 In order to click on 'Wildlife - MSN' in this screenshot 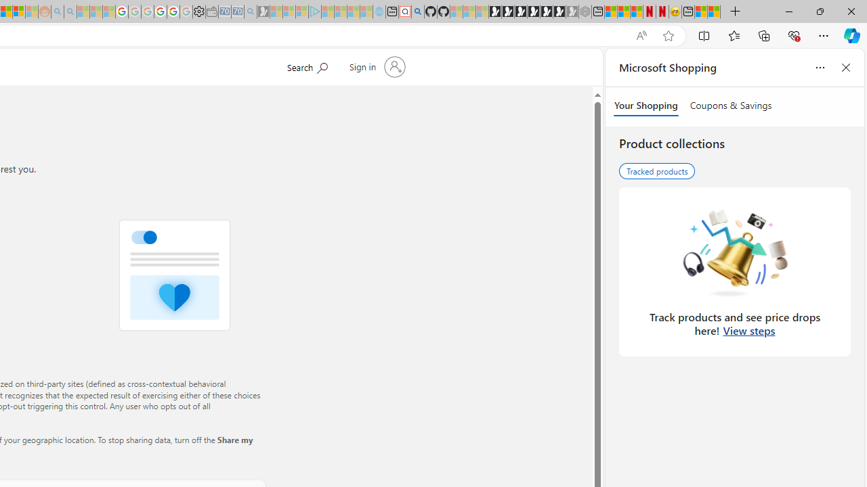, I will do `click(701, 11)`.